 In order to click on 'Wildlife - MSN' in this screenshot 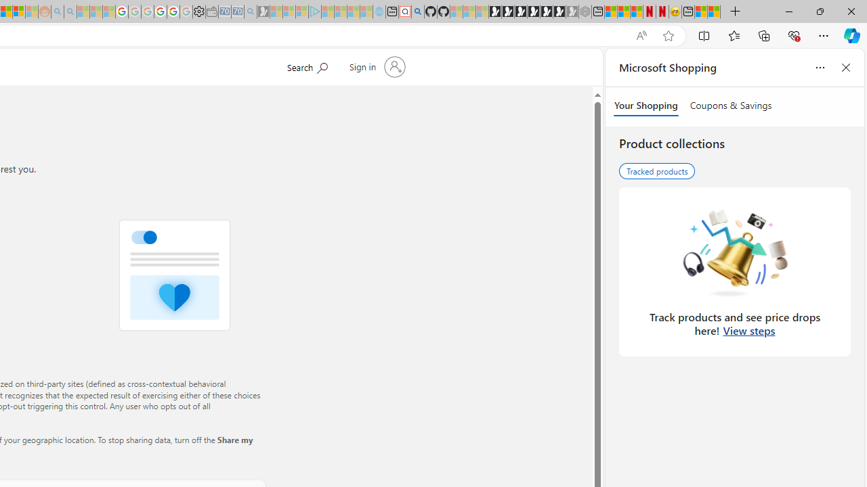, I will do `click(701, 11)`.